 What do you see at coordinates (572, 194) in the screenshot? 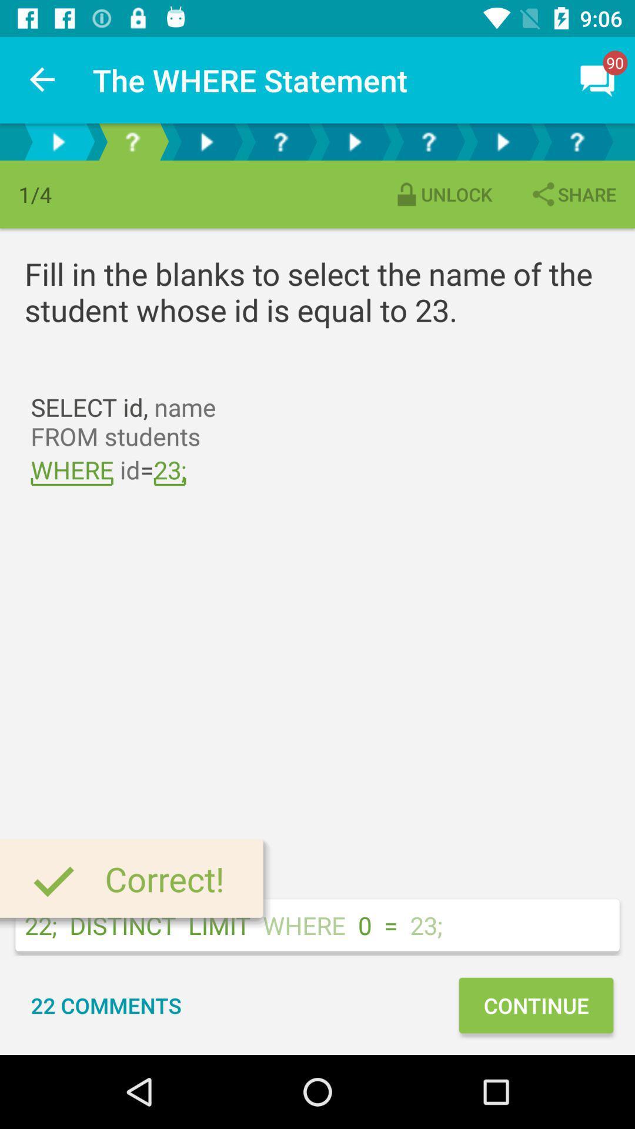
I see `share icon` at bounding box center [572, 194].